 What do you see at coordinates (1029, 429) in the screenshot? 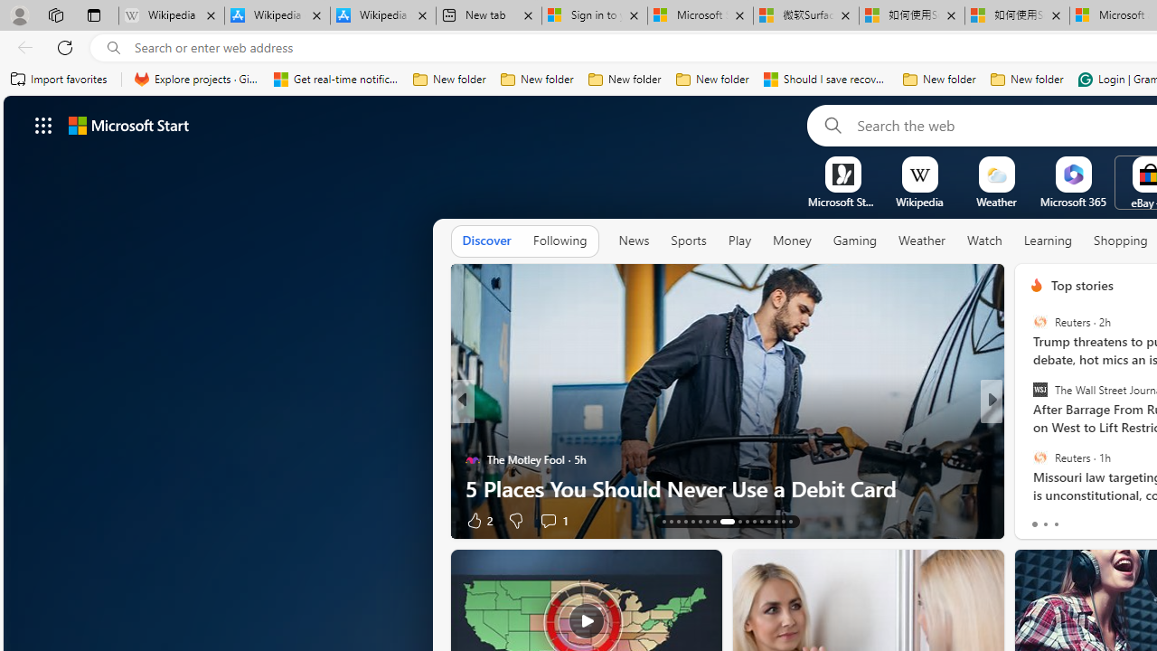
I see `'HowToGeek'` at bounding box center [1029, 429].